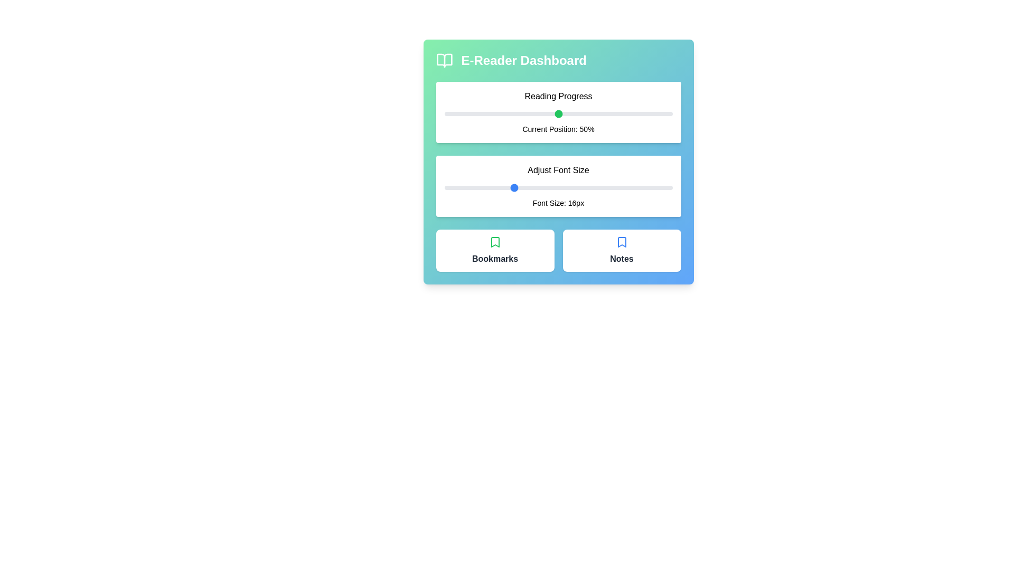  I want to click on the font size slider to 27 px, so click(637, 187).